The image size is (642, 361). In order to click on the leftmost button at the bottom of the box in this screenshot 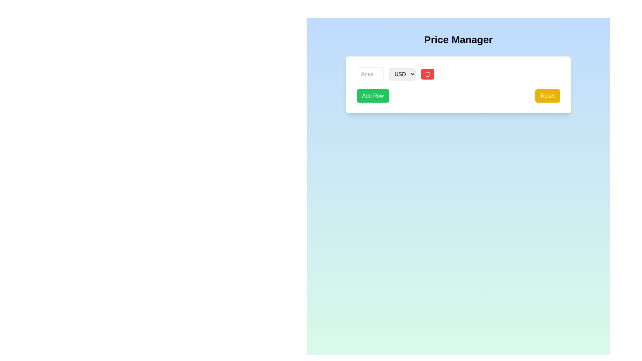, I will do `click(372, 96)`.